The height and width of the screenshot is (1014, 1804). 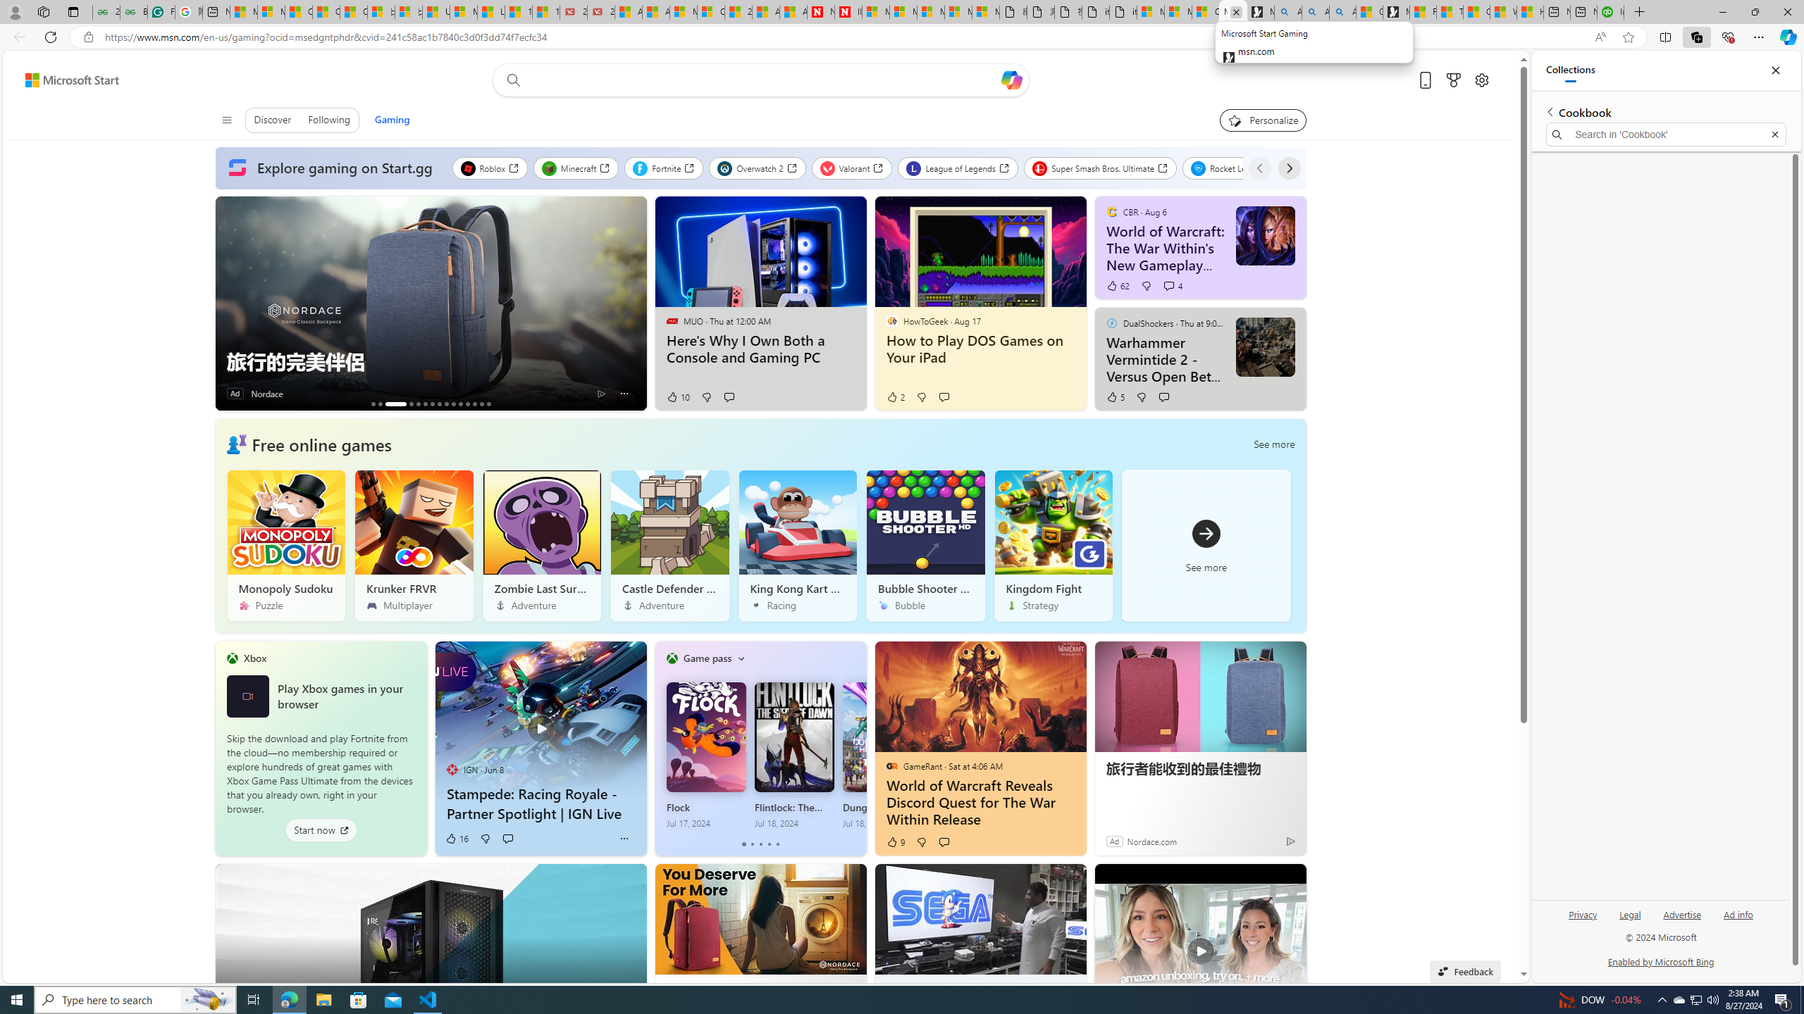 I want to click on 'Newsweek - News, Analysis, Politics, Business, Technology', so click(x=820, y=11).